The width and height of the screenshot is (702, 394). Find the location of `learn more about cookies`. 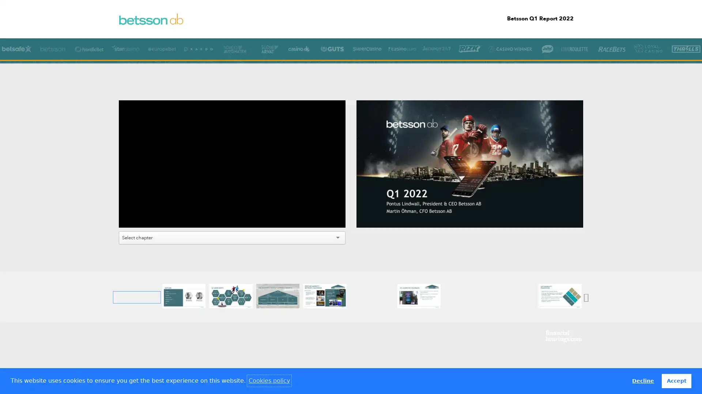

learn more about cookies is located at coordinates (268, 381).